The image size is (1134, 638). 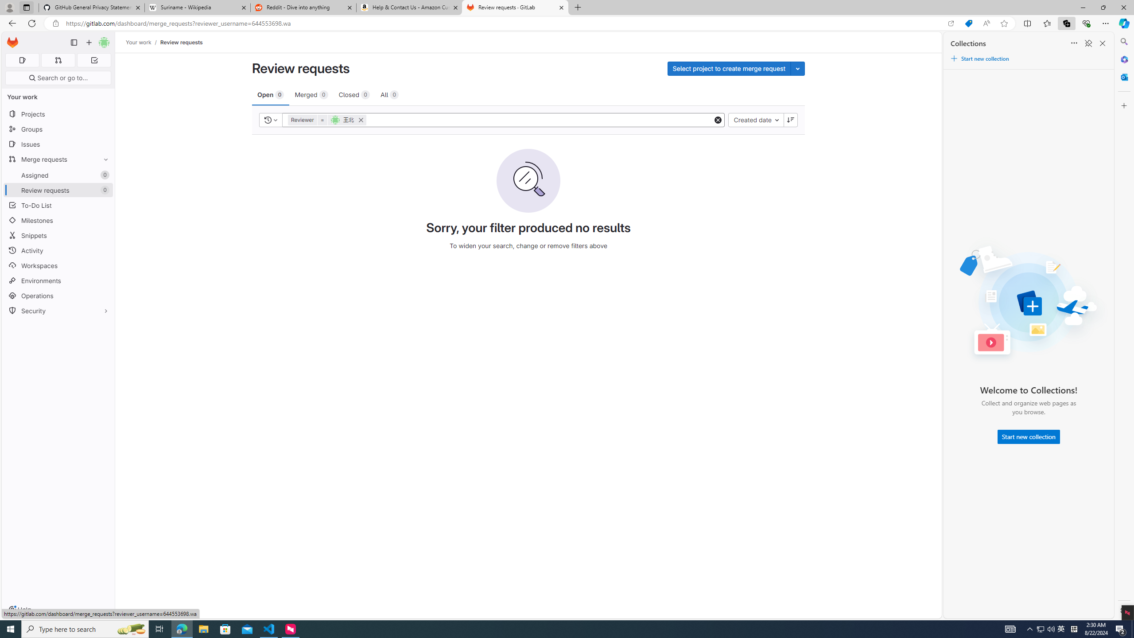 What do you see at coordinates (58, 250) in the screenshot?
I see `'Activity'` at bounding box center [58, 250].